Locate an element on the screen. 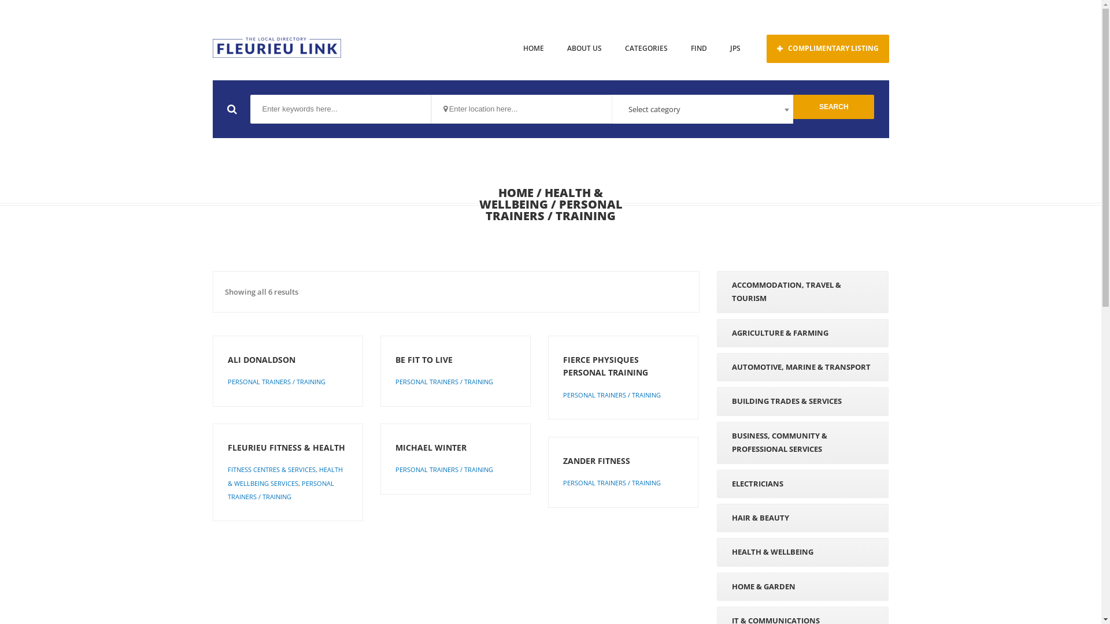 Image resolution: width=1110 pixels, height=624 pixels. 'CATEGORIES' is located at coordinates (645, 48).